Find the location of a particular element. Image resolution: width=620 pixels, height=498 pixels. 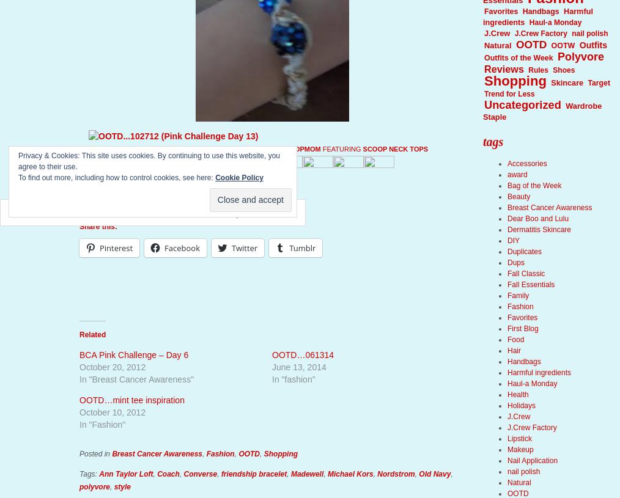

'Holidays' is located at coordinates (520, 405).